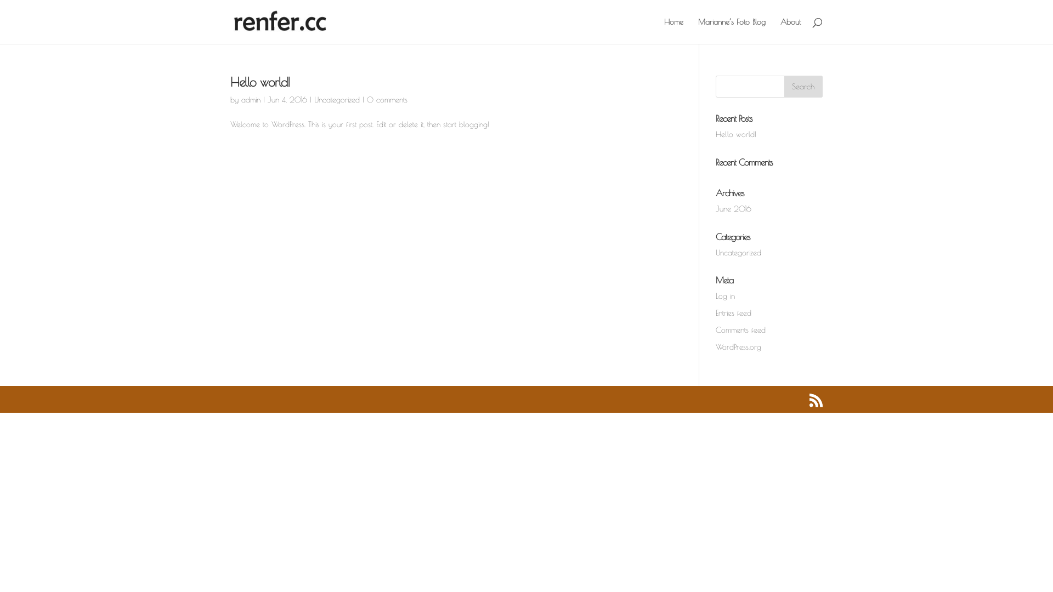 Image resolution: width=1053 pixels, height=592 pixels. What do you see at coordinates (241, 99) in the screenshot?
I see `'admin'` at bounding box center [241, 99].